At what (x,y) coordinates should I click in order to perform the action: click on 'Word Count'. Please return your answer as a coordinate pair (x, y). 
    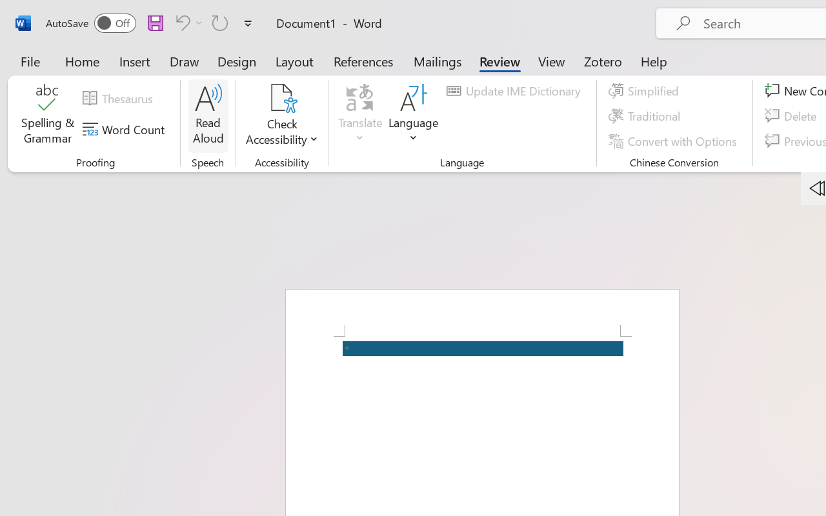
    Looking at the image, I should click on (125, 130).